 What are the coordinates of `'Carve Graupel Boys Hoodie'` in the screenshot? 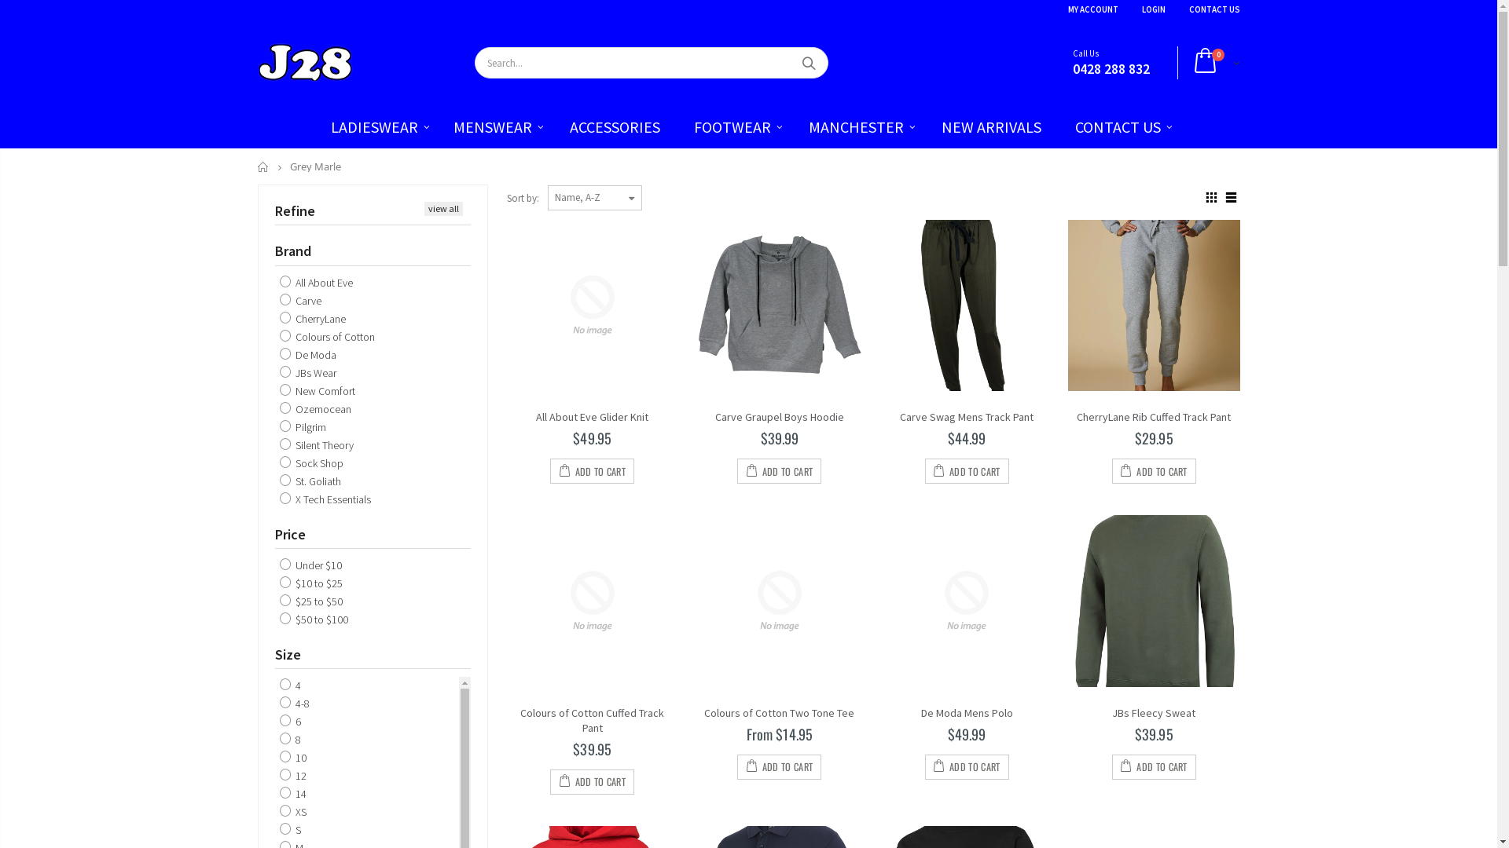 It's located at (780, 416).